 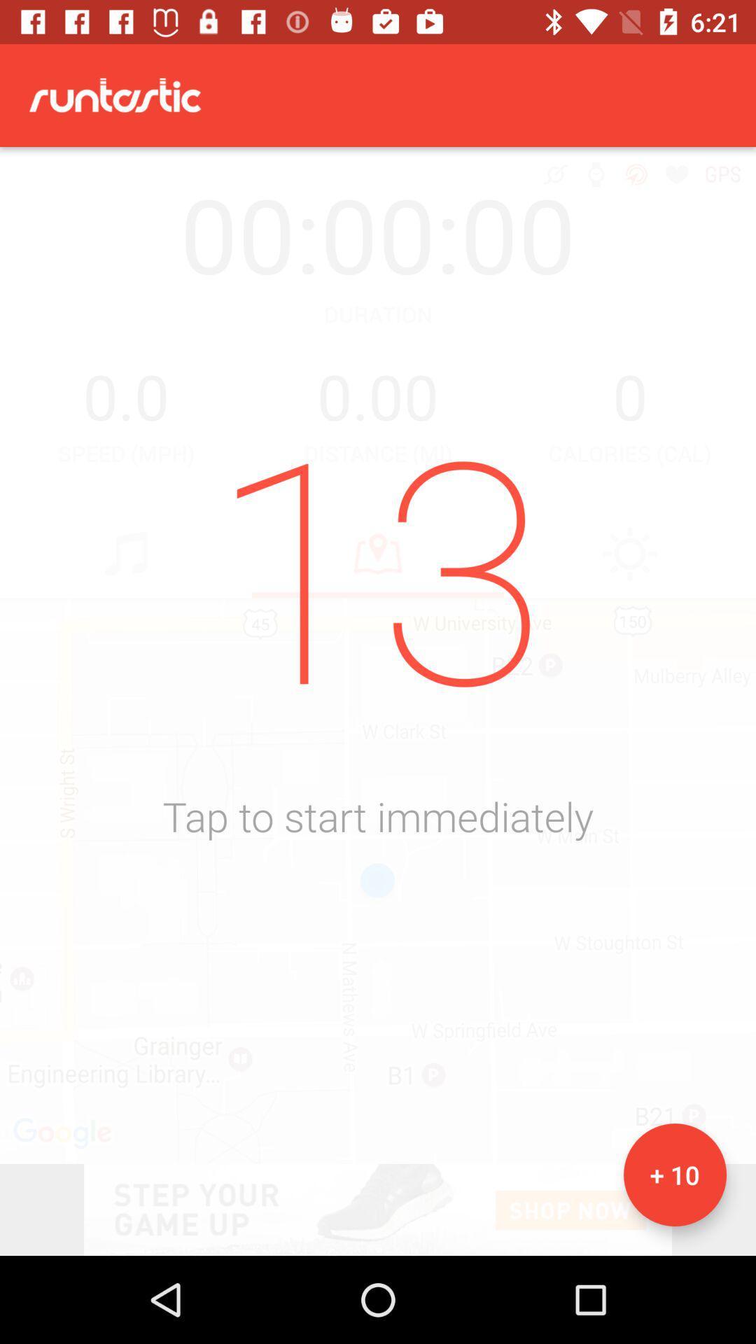 I want to click on the icon which is at the bottom right of the page, so click(x=674, y=1175).